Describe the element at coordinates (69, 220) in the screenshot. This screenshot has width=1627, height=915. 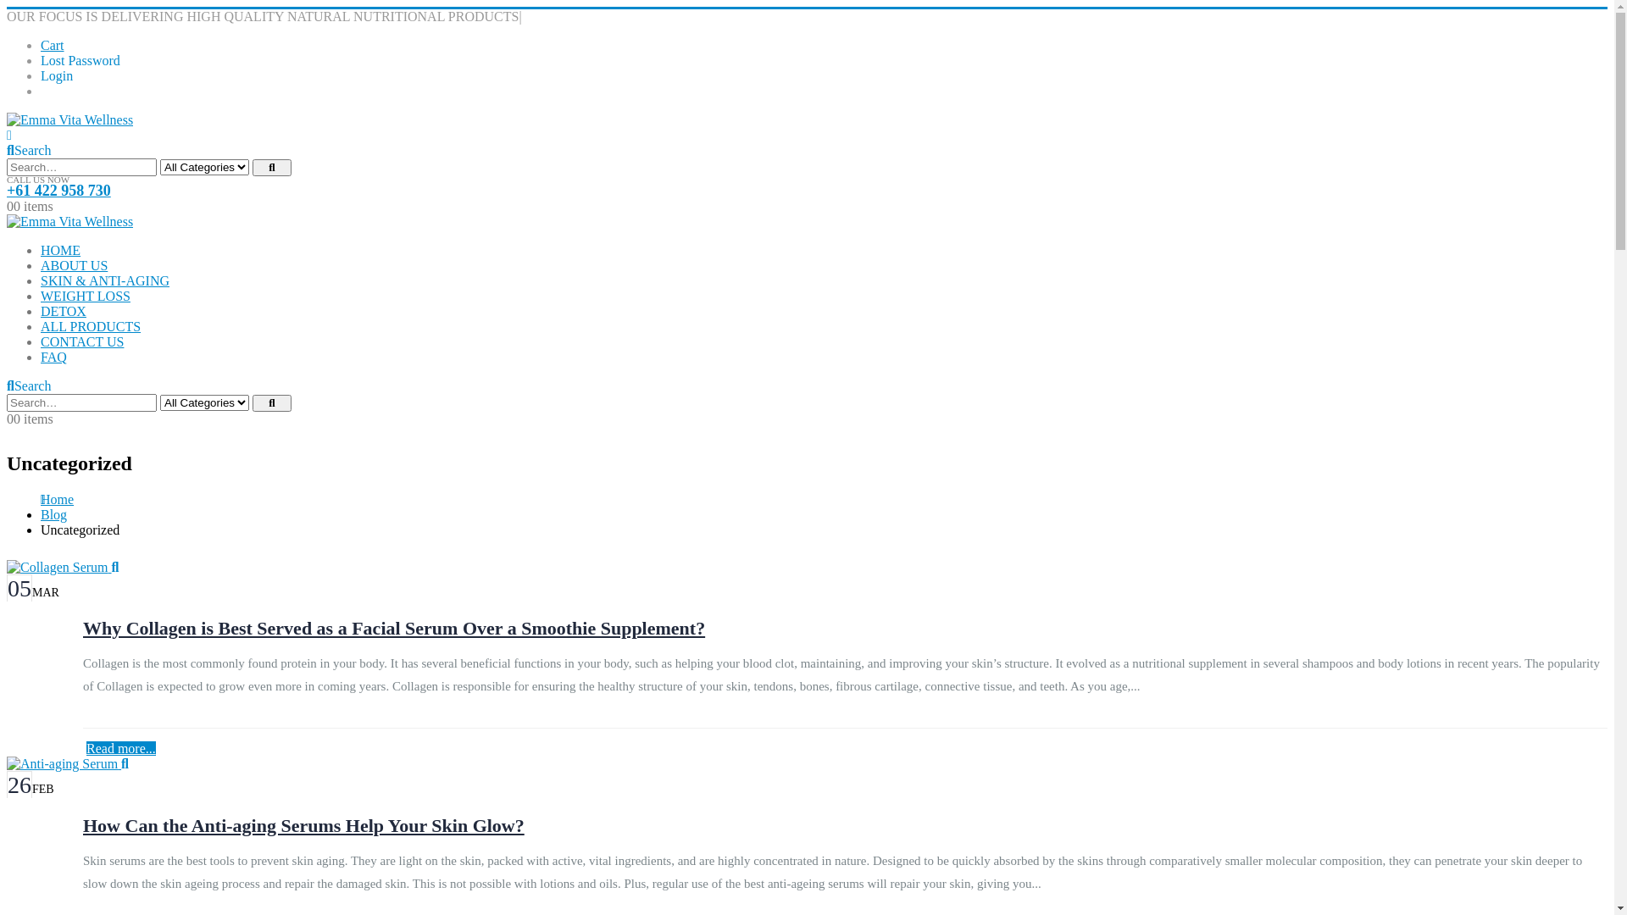
I see `'Emma Vita Wellness - Emma Vita Pvt. Ltd.'` at that location.